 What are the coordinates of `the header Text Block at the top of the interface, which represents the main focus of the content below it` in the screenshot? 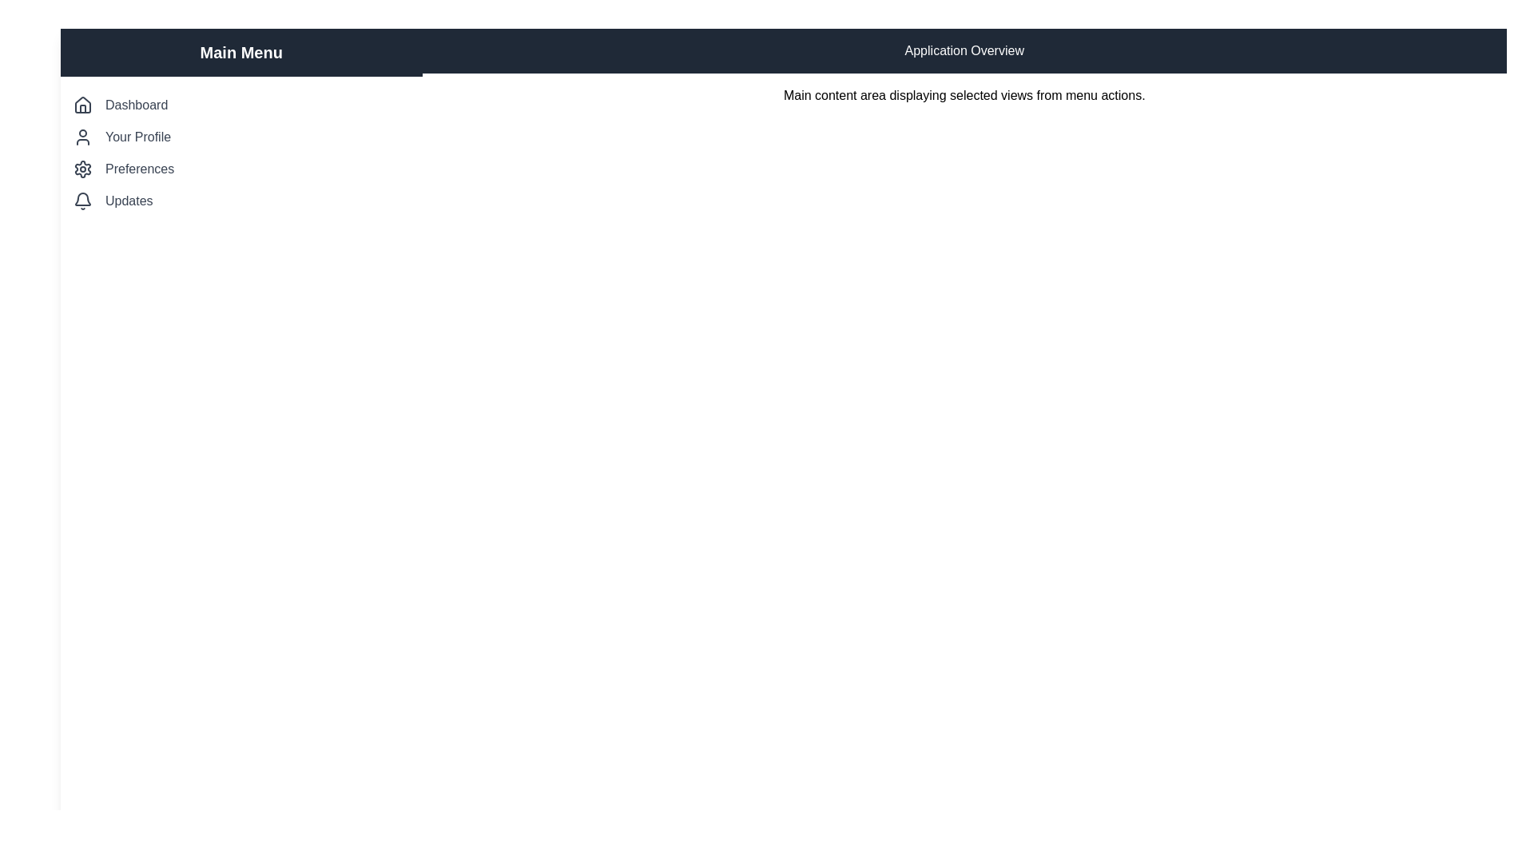 It's located at (964, 50).